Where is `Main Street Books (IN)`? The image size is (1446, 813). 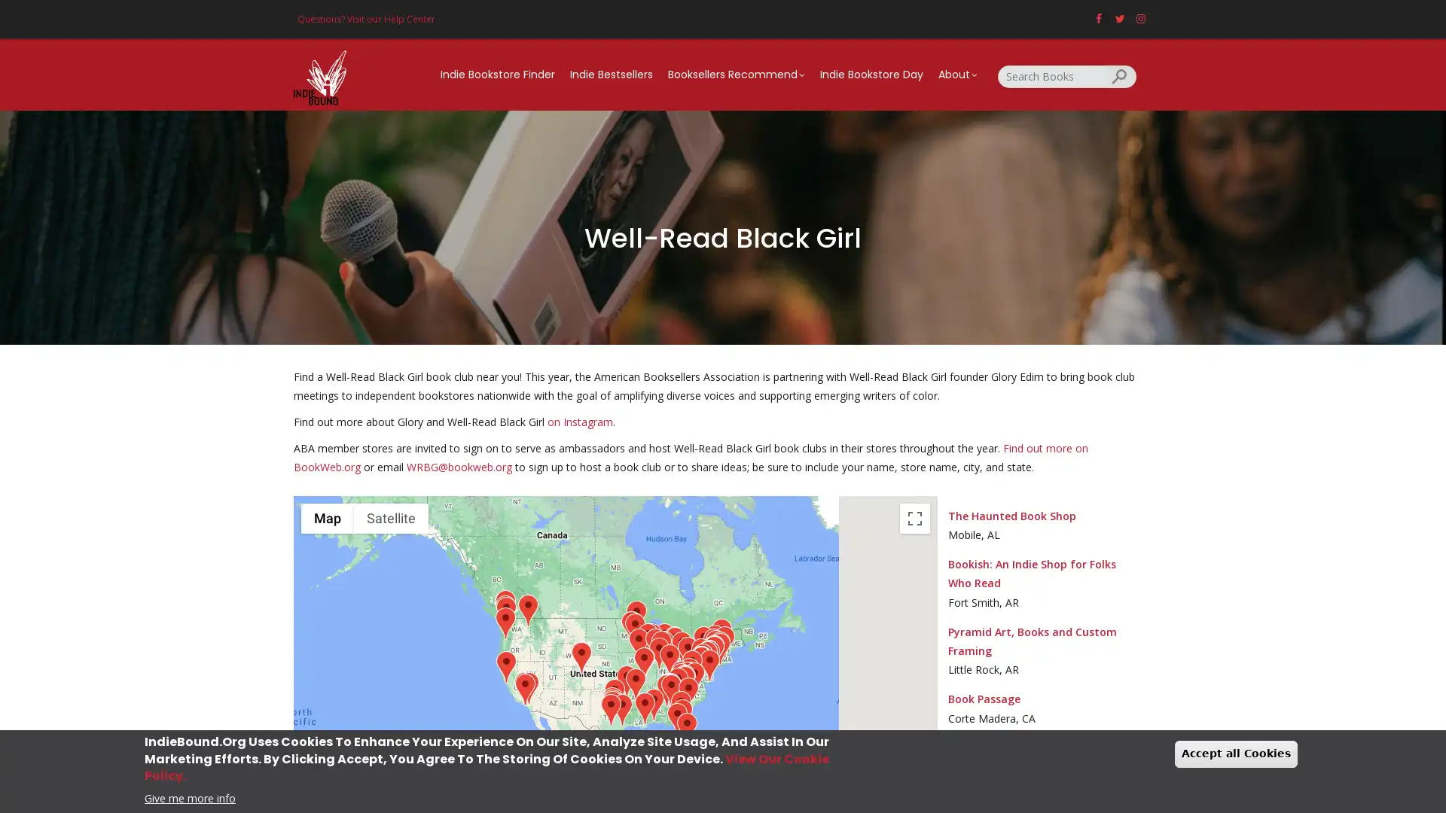
Main Street Books (IN) is located at coordinates (658, 652).